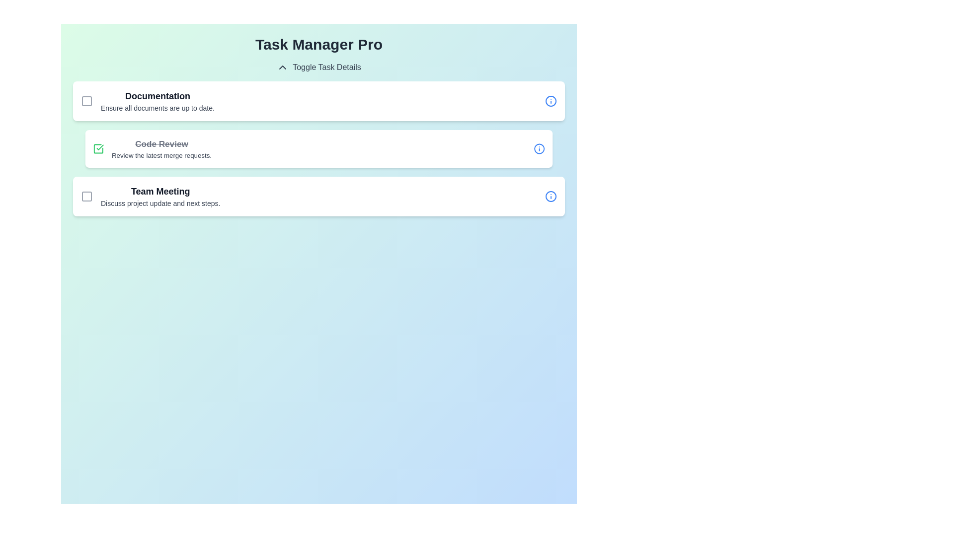 This screenshot has width=954, height=536. What do you see at coordinates (319, 67) in the screenshot?
I see `the 'Toggle Task Details' button to toggle the task details visibility` at bounding box center [319, 67].